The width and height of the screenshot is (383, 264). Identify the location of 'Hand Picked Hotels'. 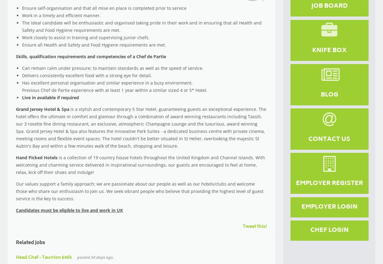
(36, 157).